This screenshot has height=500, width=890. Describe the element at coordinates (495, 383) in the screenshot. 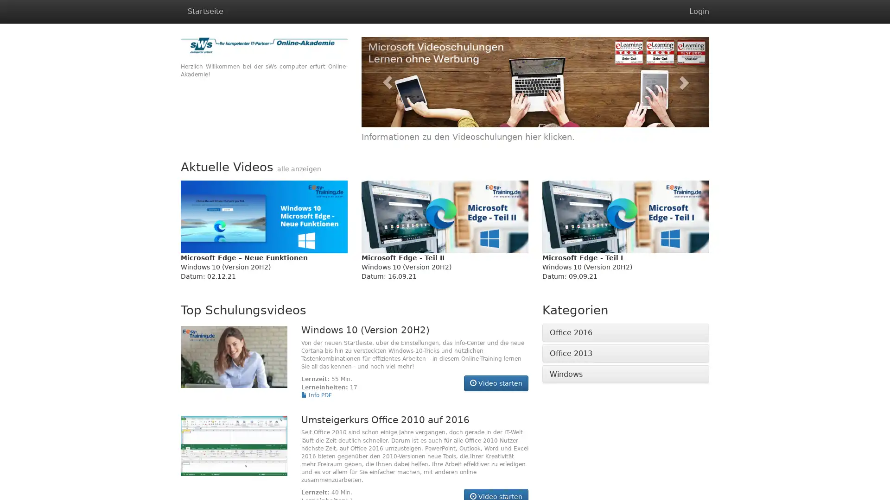

I see `Video starten` at that location.